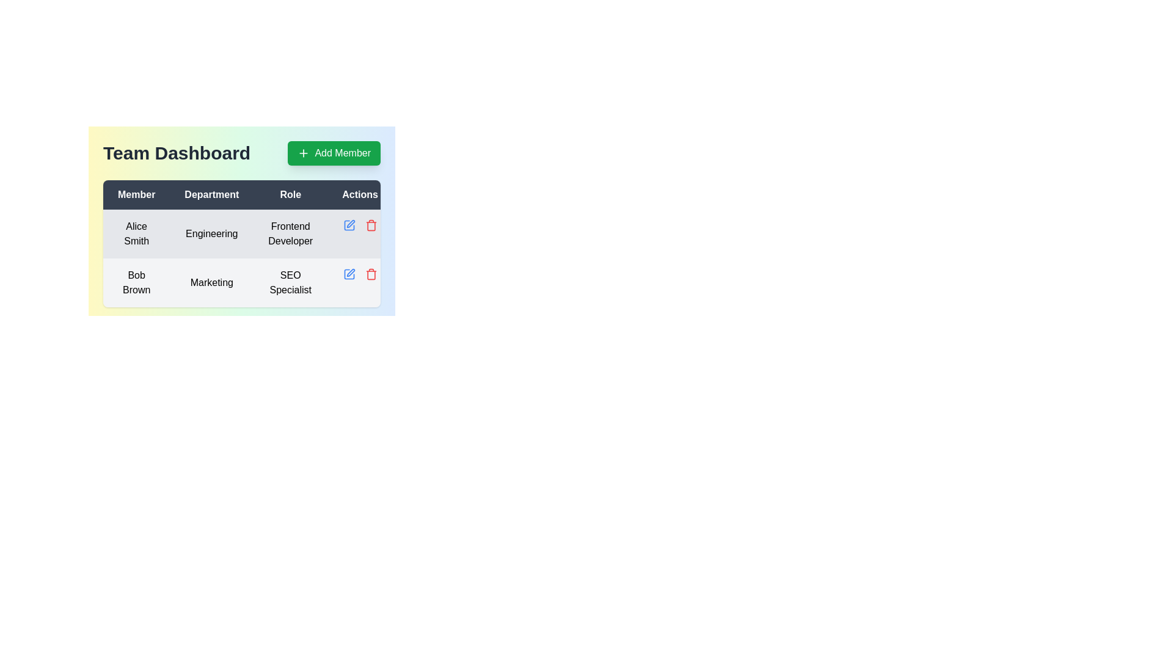 This screenshot has height=660, width=1173. What do you see at coordinates (136, 233) in the screenshot?
I see `the static text label displaying the name 'Alice Smith' located in the 'Member' column of the table, positioned above 'Bob Brown' and to the left of the 'Engineering' cell` at bounding box center [136, 233].